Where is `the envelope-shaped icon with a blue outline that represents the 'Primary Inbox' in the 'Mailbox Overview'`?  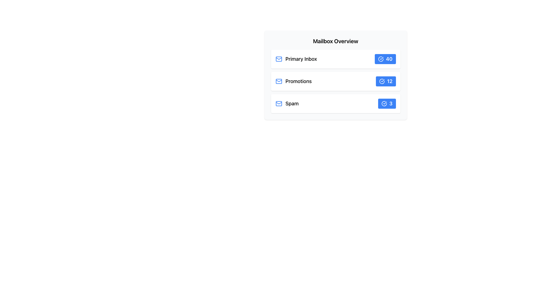 the envelope-shaped icon with a blue outline that represents the 'Primary Inbox' in the 'Mailbox Overview' is located at coordinates (279, 59).